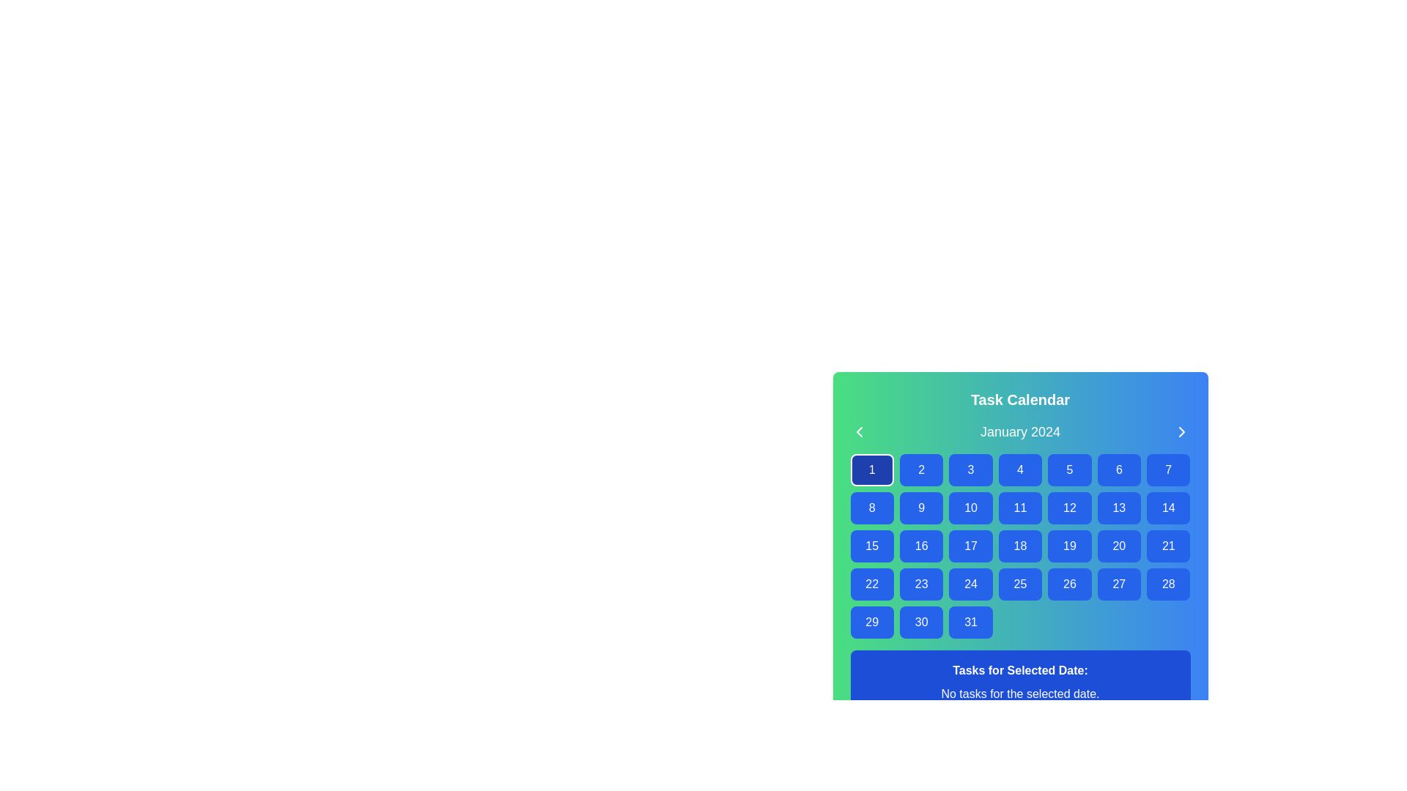  What do you see at coordinates (872, 508) in the screenshot?
I see `the blue button with the number '8' in the second row, first column of the January 2024 calendar grid` at bounding box center [872, 508].